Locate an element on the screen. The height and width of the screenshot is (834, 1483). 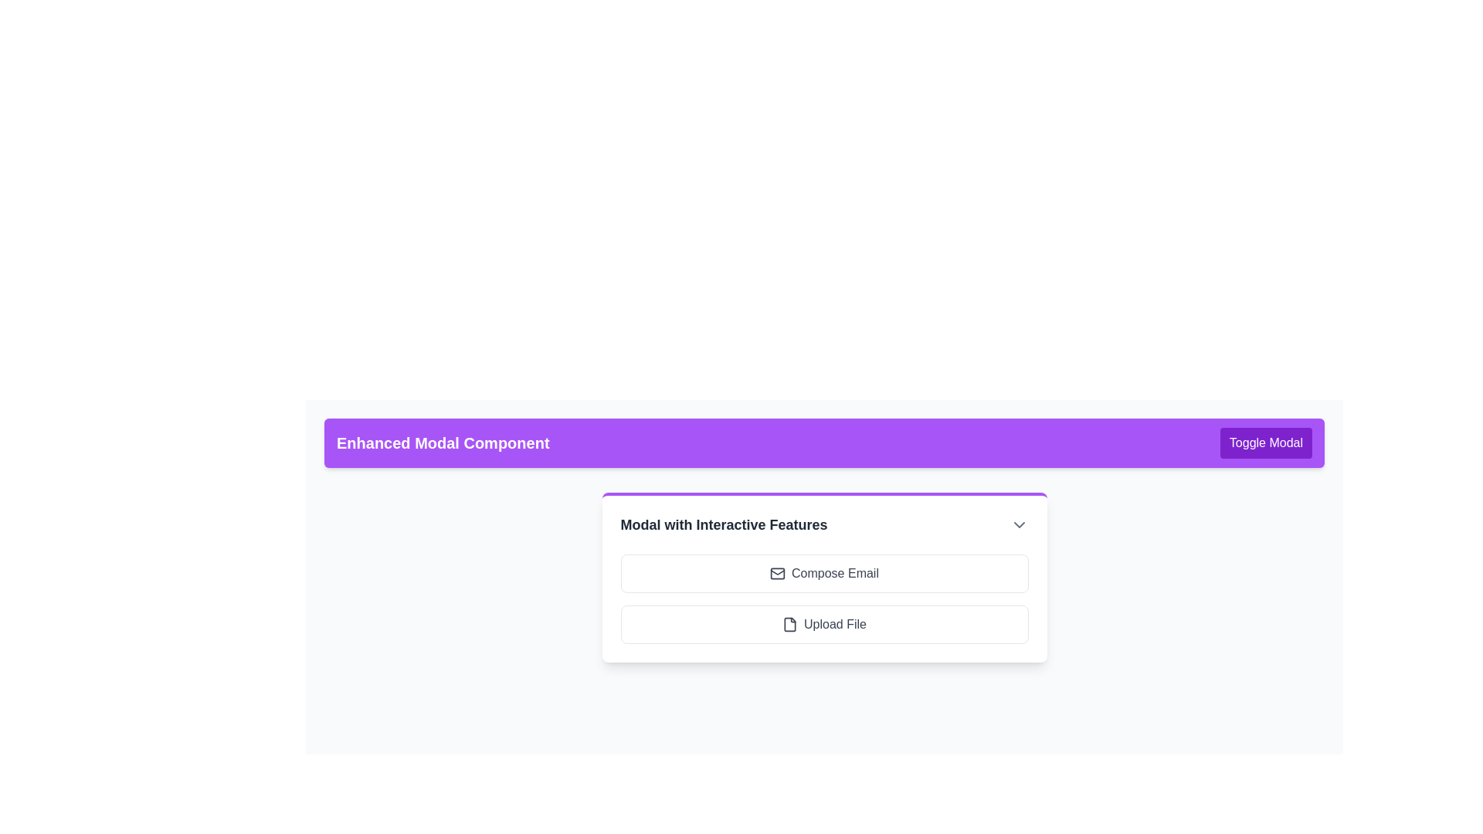
the 'Upload File' button, which has gray text and a file icon on the left, located at the bottom of the section is located at coordinates (823, 624).